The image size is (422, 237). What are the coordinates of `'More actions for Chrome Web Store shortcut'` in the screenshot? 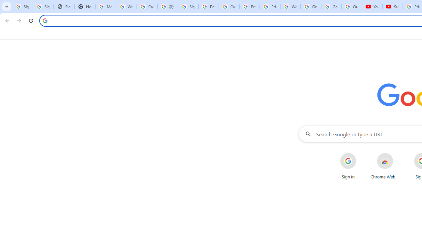 It's located at (398, 153).